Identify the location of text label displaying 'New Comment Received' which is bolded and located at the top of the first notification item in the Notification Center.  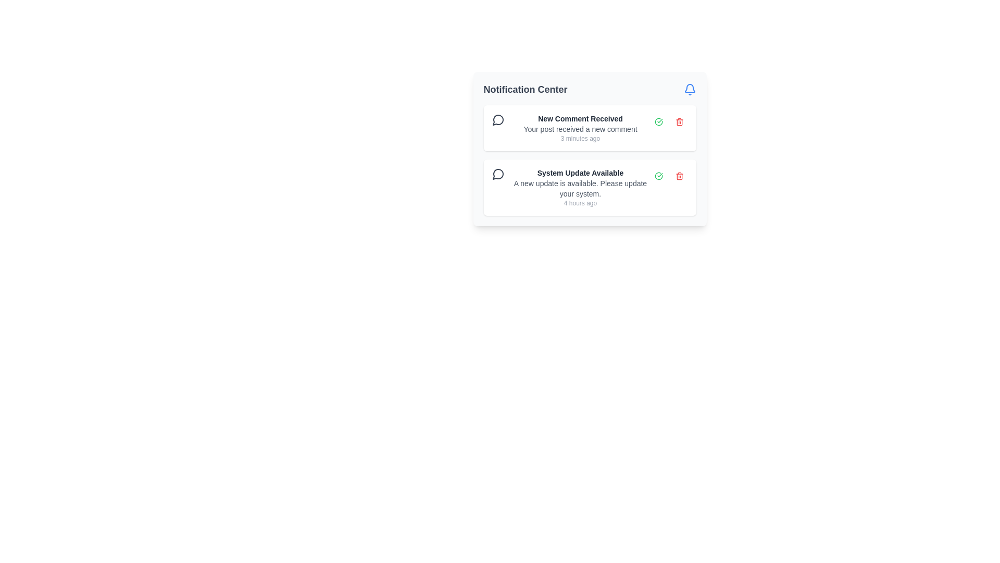
(580, 118).